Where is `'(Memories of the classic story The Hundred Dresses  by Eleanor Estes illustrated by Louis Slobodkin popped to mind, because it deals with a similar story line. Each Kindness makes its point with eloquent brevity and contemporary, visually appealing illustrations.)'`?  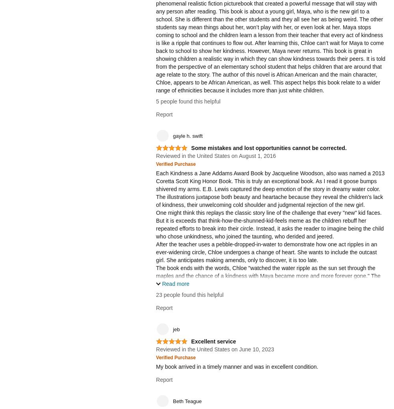 '(Memories of the classic story The Hundred Dresses  by Eleanor Estes illustrated by Louis Slobodkin popped to mind, because it deals with a similar story line. Each Kindness makes its point with eloquent brevity and contemporary, visually appealing illustrations.)' is located at coordinates (270, 347).